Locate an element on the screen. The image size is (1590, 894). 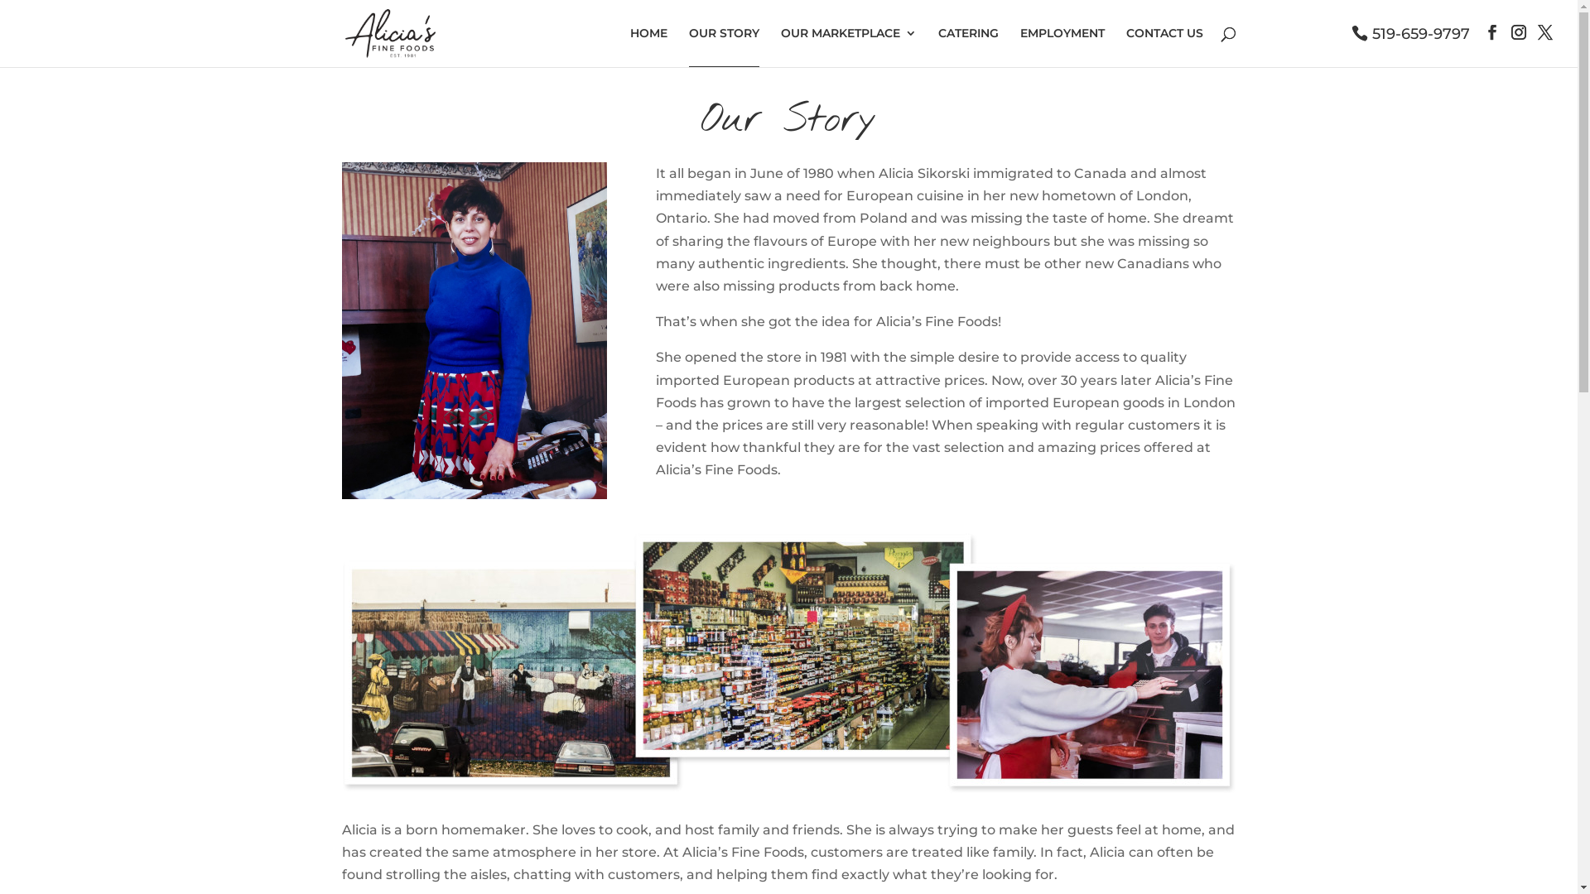
'HOME' is located at coordinates (647, 46).